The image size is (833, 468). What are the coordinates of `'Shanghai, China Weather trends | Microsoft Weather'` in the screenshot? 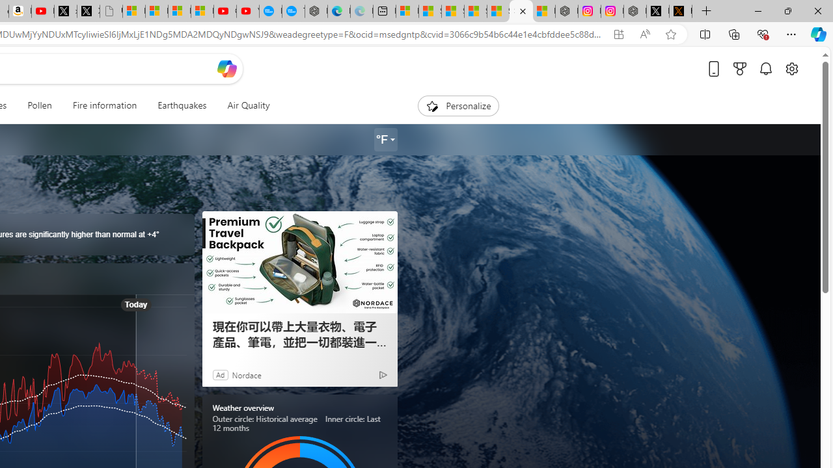 It's located at (521, 11).